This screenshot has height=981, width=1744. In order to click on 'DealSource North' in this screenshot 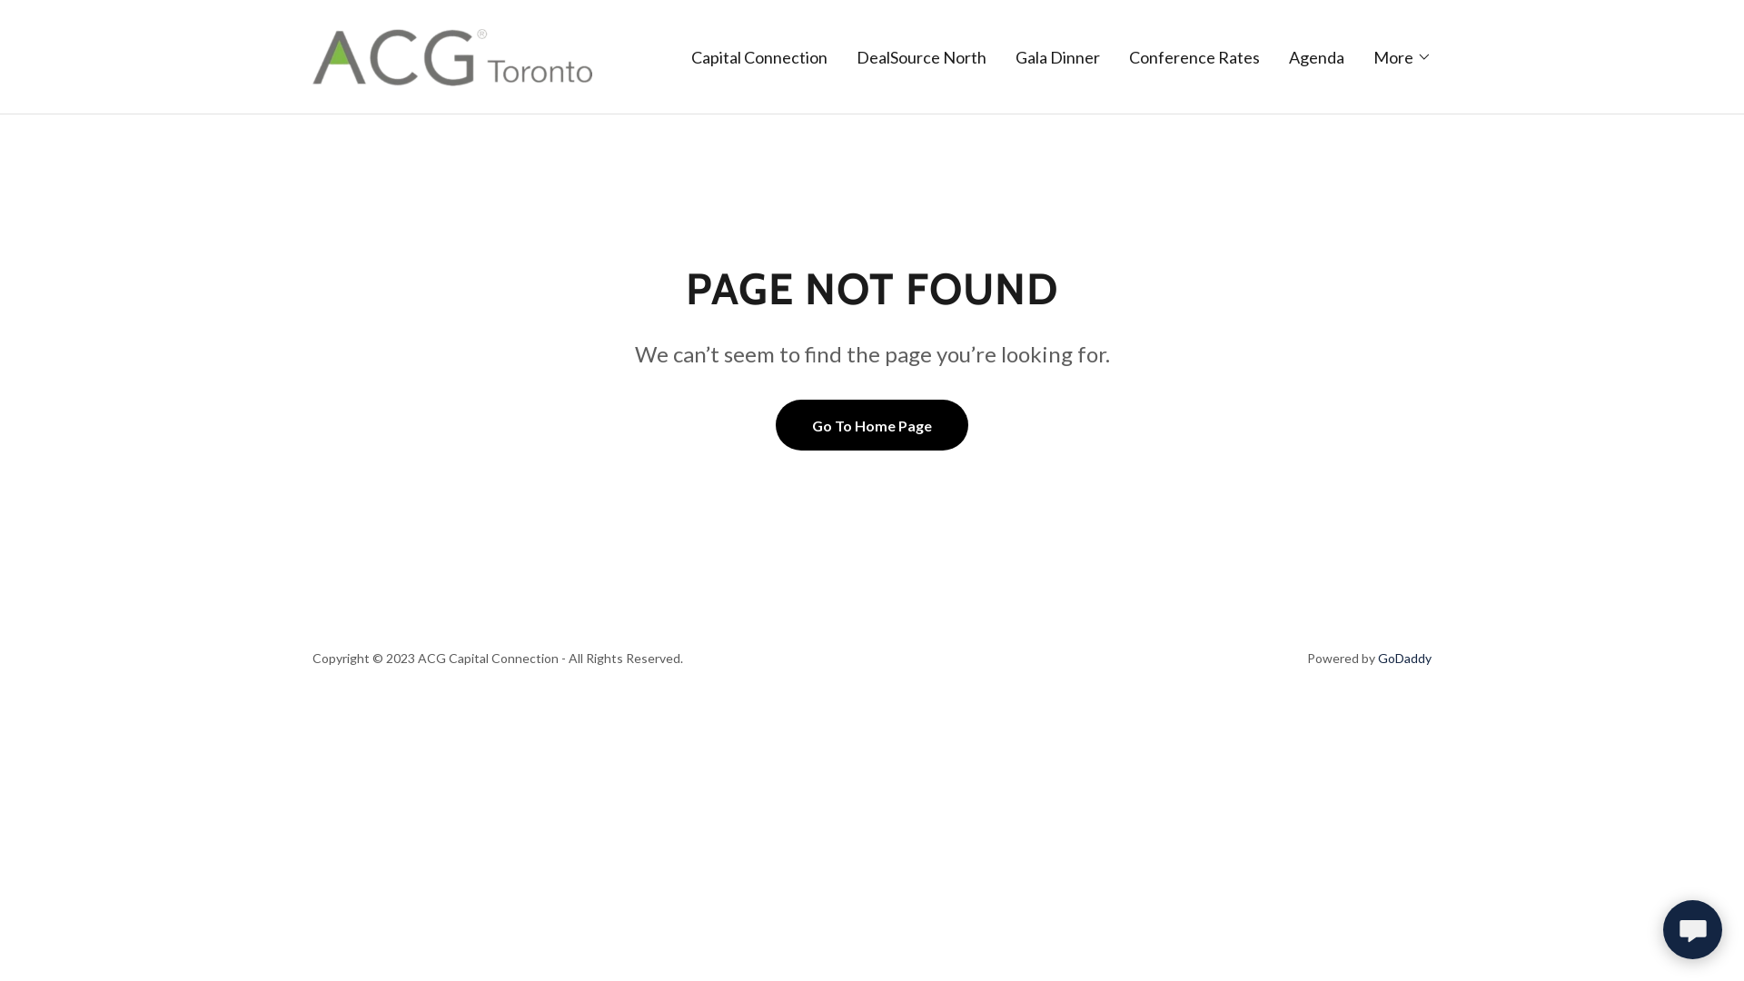, I will do `click(921, 54)`.